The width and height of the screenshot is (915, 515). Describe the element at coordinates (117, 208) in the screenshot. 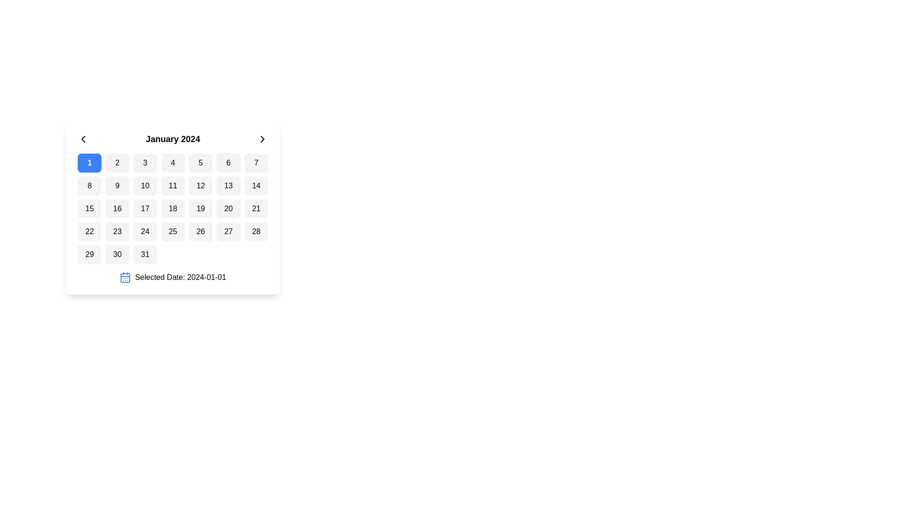

I see `the Calendar date cell element for the date '16' in the grid layout under 'January 2024', located in the third row and second column` at that location.